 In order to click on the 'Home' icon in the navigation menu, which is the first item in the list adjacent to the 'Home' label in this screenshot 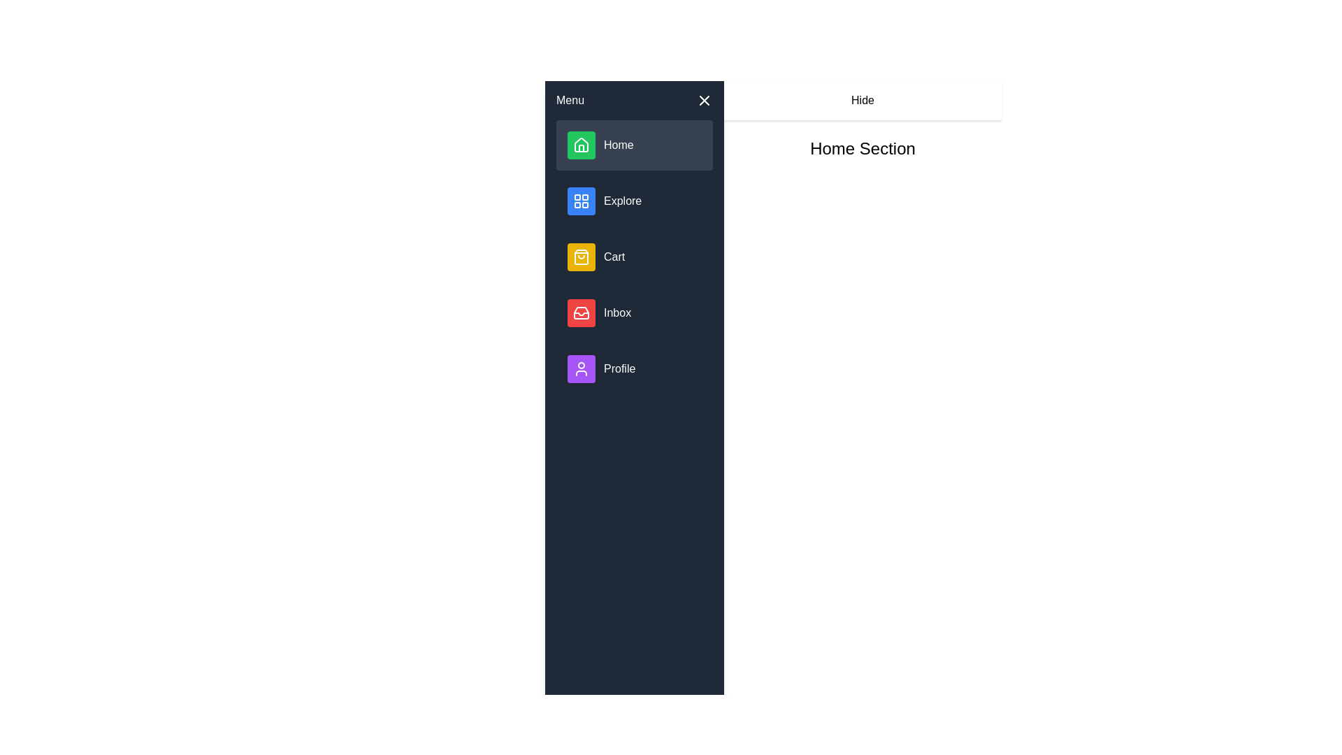, I will do `click(581, 145)`.